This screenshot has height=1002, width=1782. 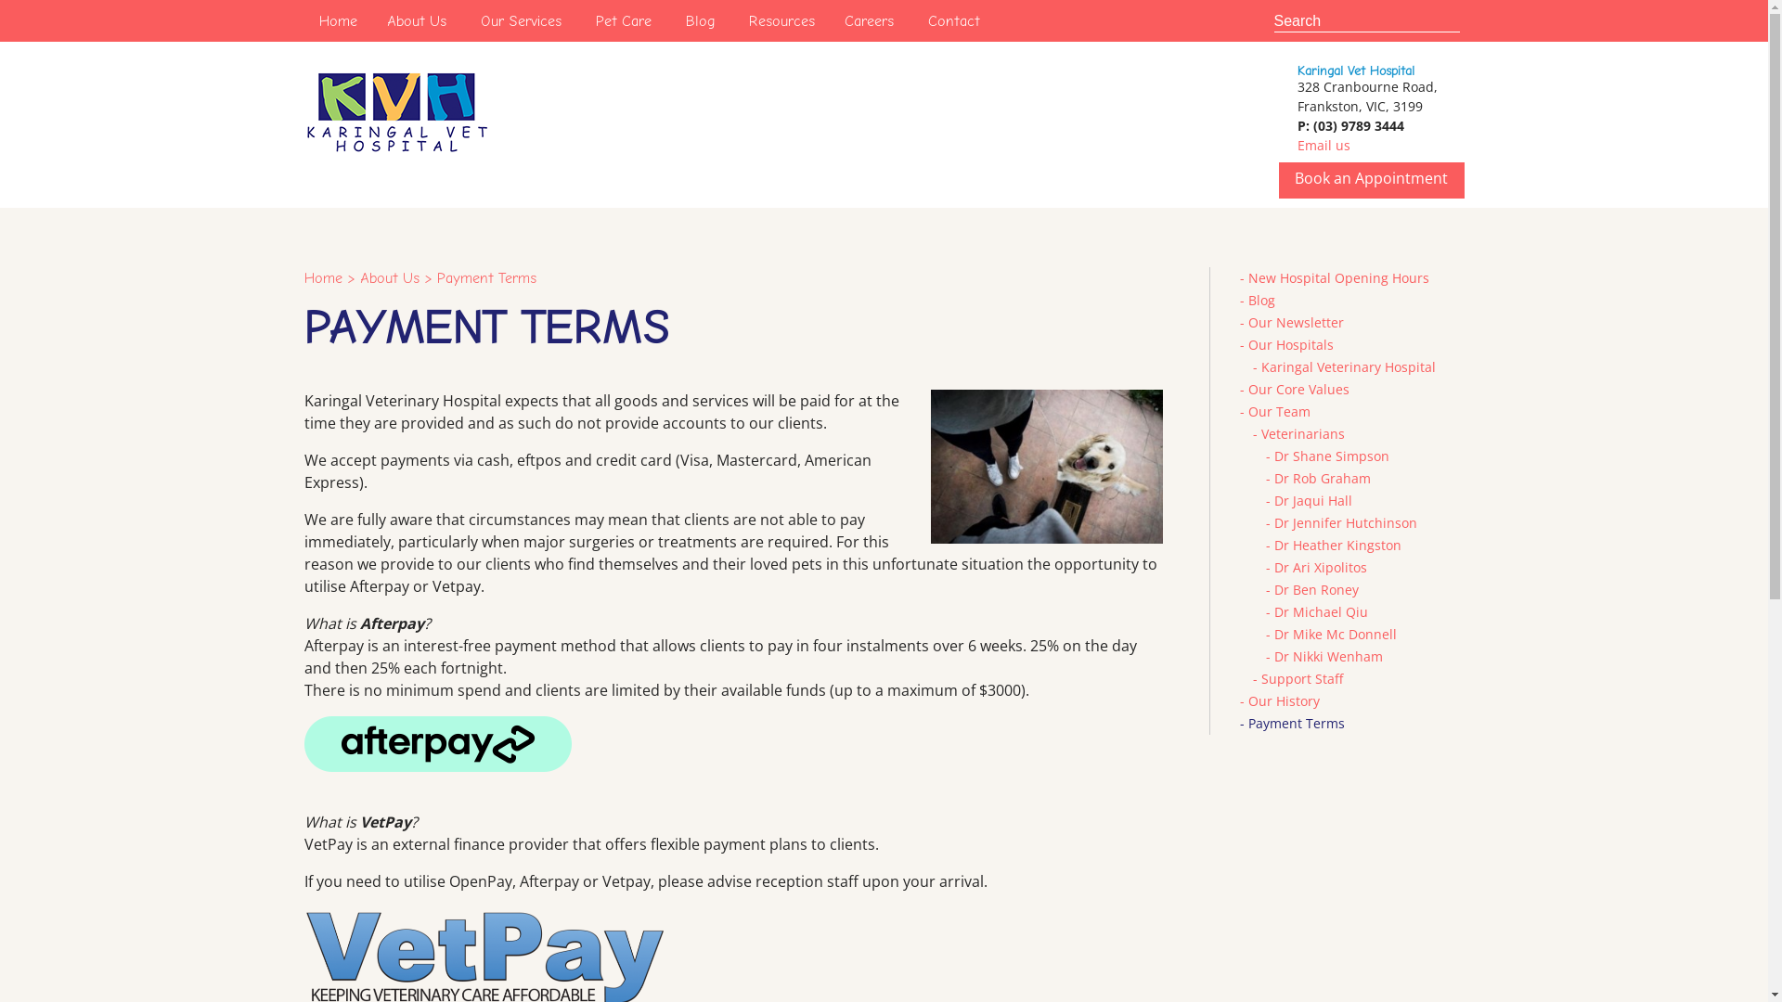 What do you see at coordinates (1294, 321) in the screenshot?
I see `'Our Newsletter'` at bounding box center [1294, 321].